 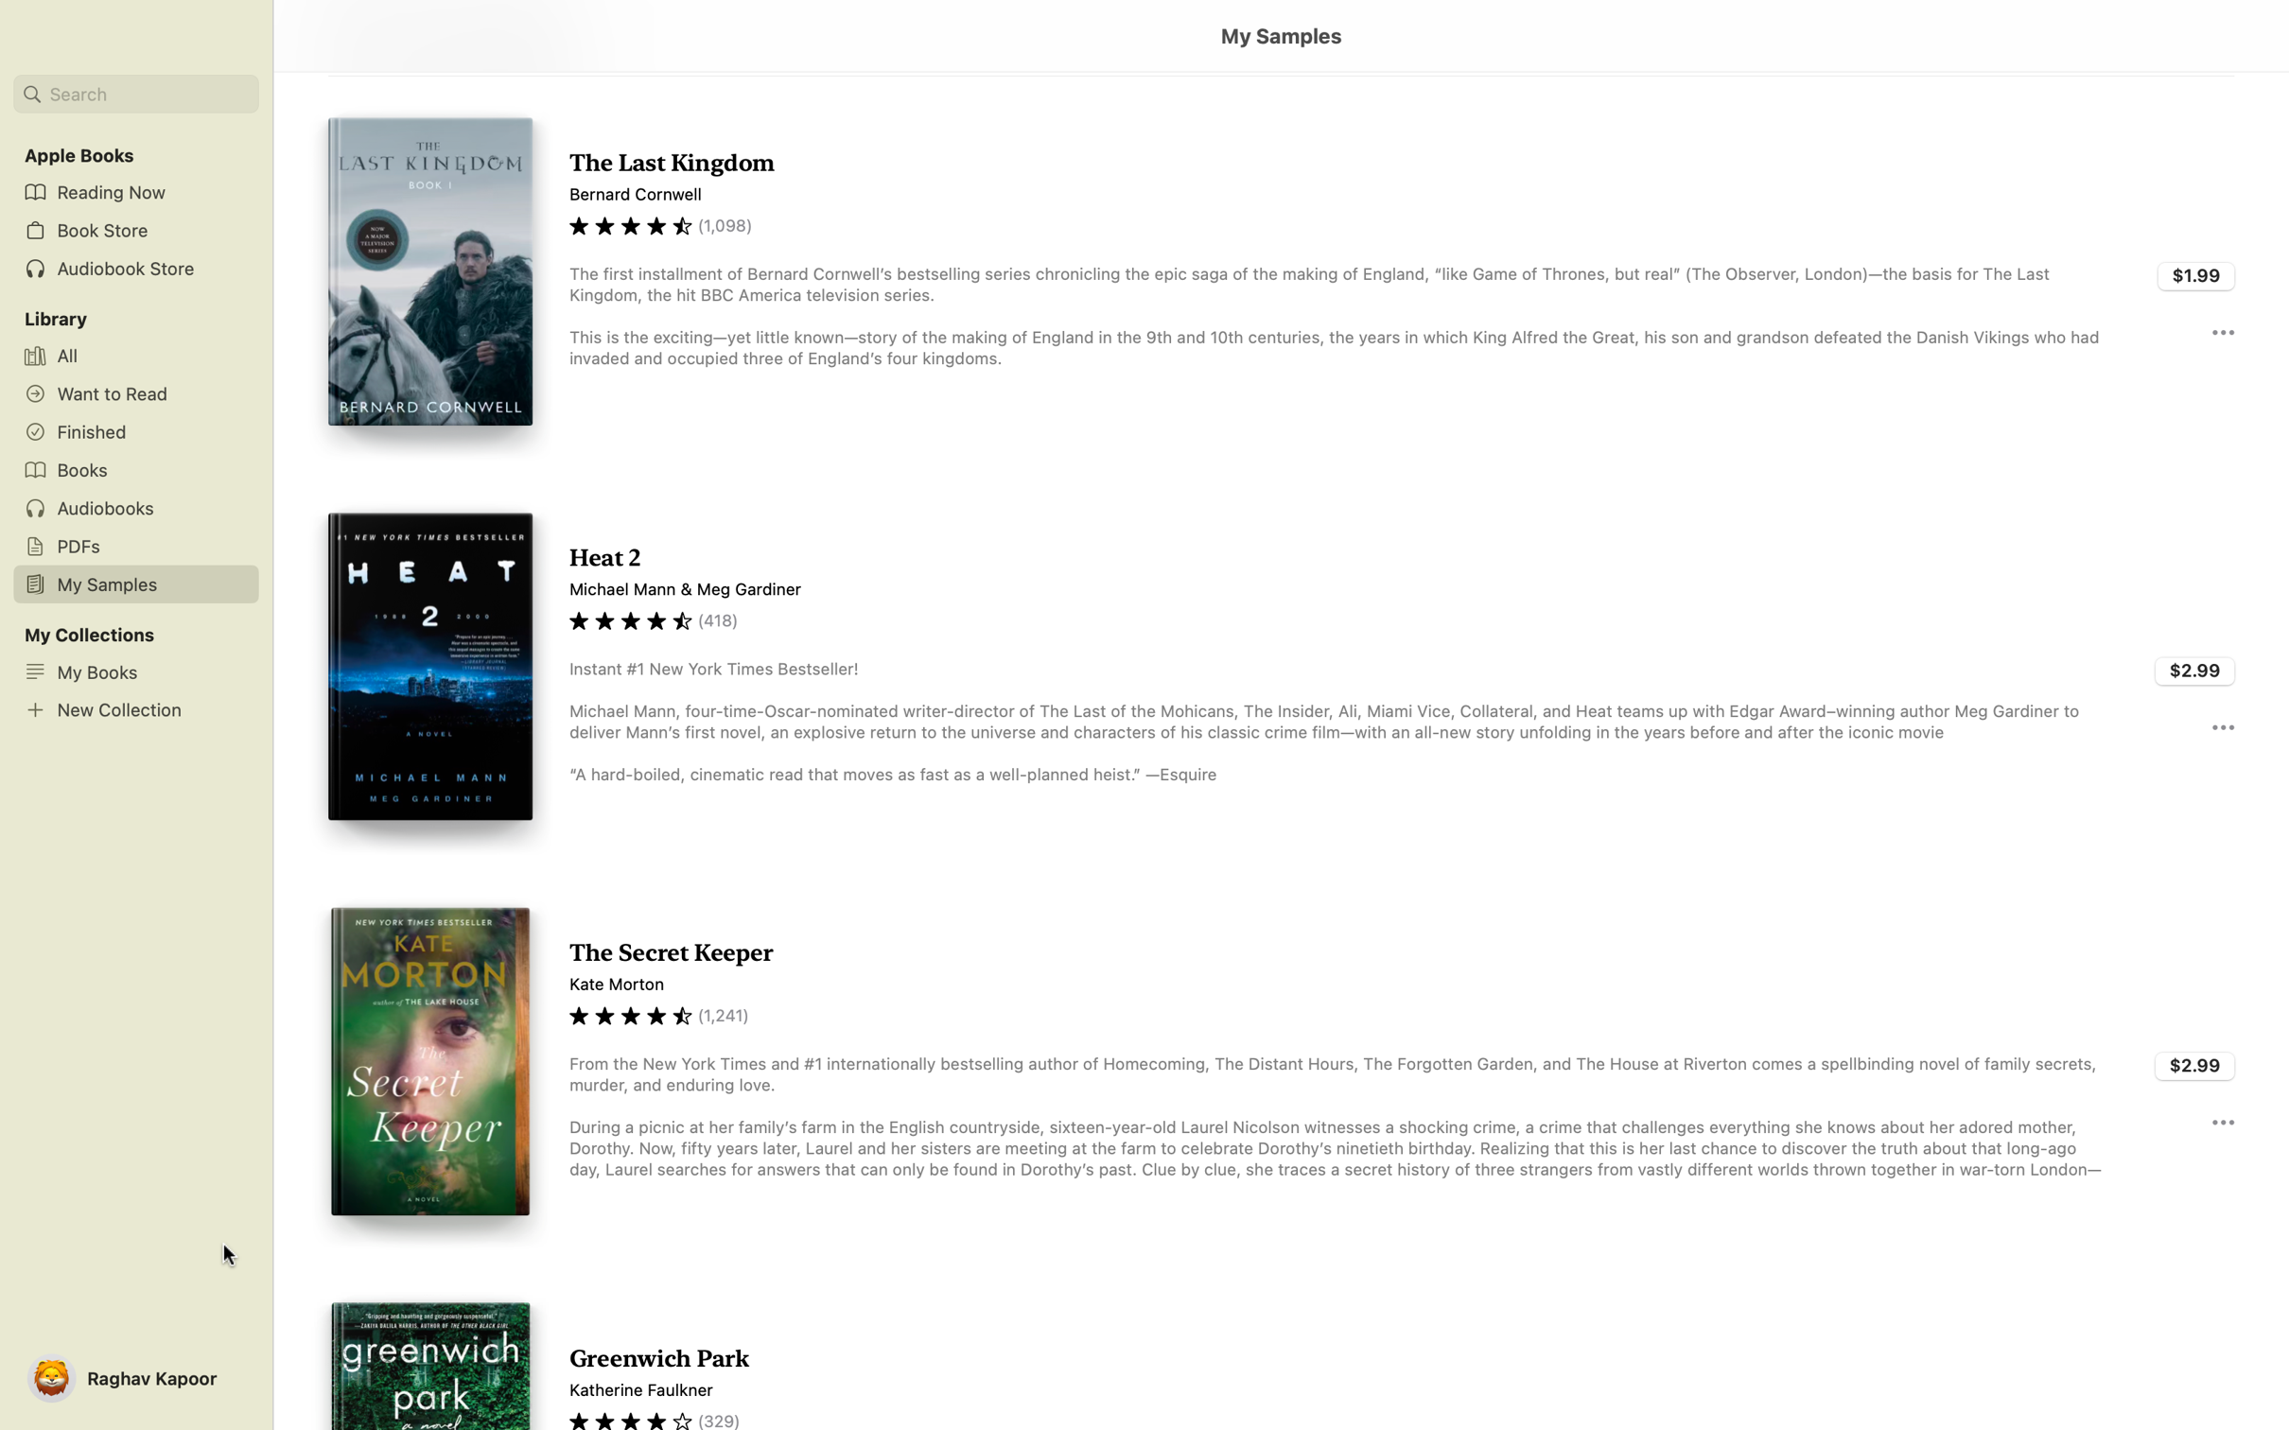 What do you see at coordinates (1280, 273) in the screenshot?
I see `Execute a double click to open the Last Kingdom"s excerpt` at bounding box center [1280, 273].